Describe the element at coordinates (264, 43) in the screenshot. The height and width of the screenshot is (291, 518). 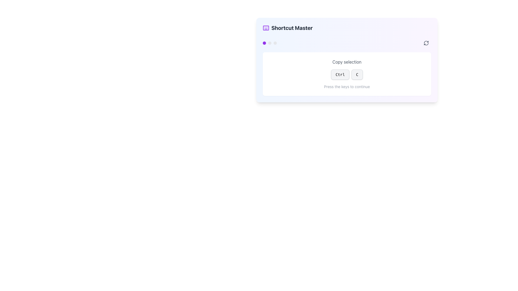
I see `the first progress indicator located below the title 'Shortcut Master' in the upper-left part of the interface` at that location.